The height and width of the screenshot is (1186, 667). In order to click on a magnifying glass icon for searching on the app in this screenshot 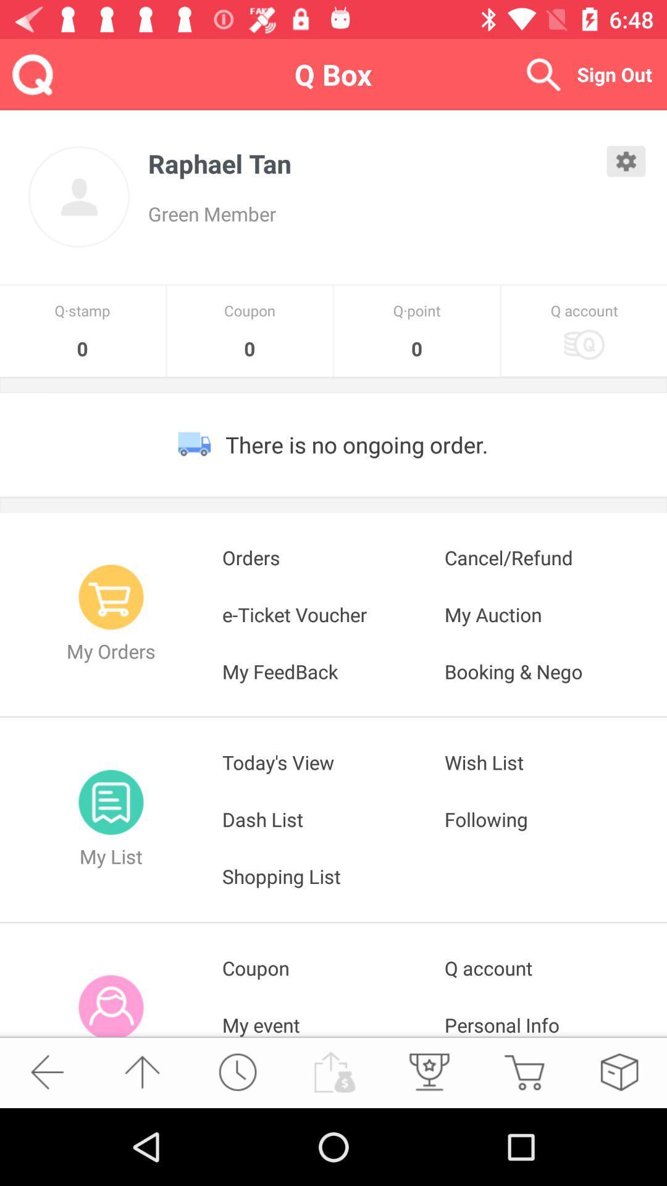, I will do `click(542, 74)`.